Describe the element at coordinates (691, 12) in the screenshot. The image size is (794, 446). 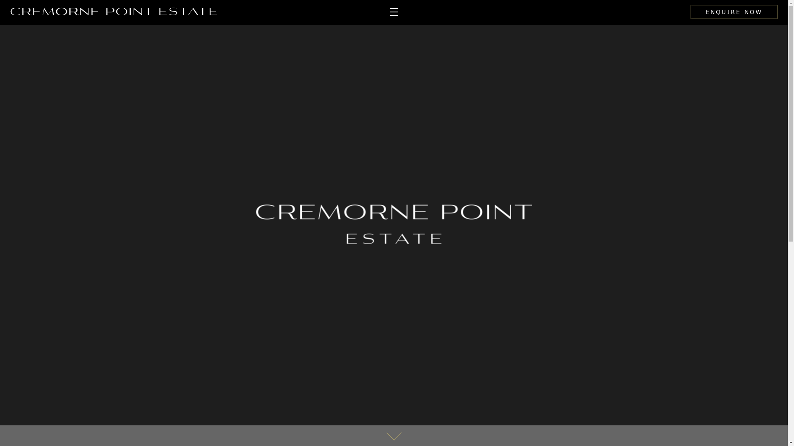
I see `'ENQUIRE NOW'` at that location.